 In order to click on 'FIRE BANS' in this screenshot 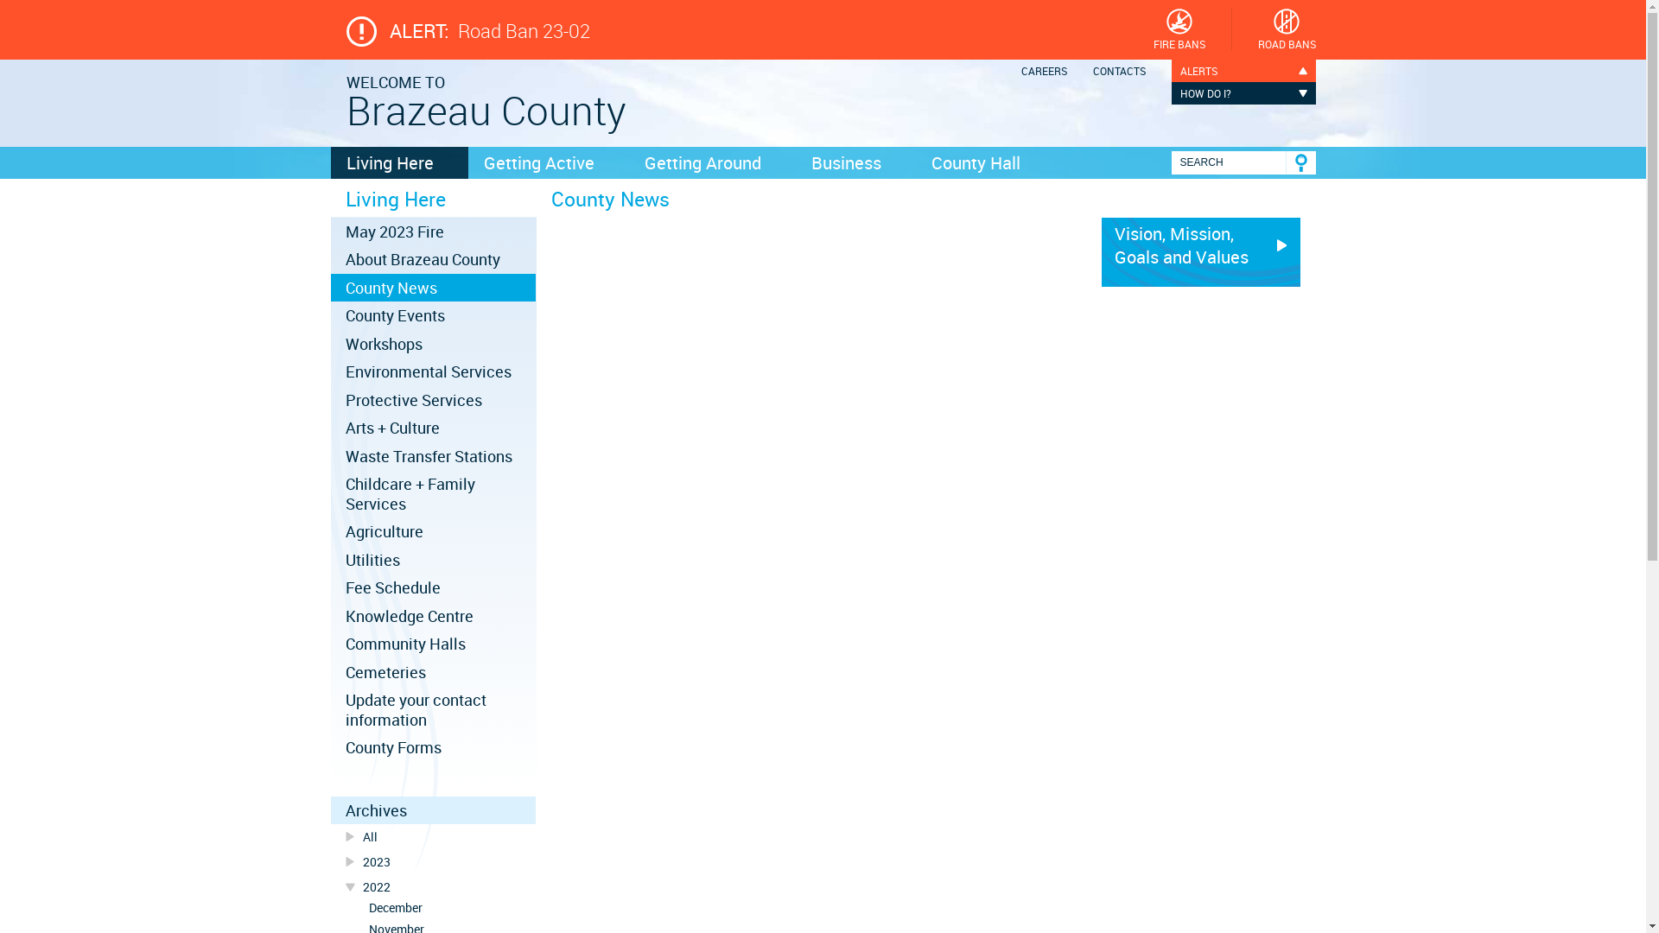, I will do `click(1153, 29)`.